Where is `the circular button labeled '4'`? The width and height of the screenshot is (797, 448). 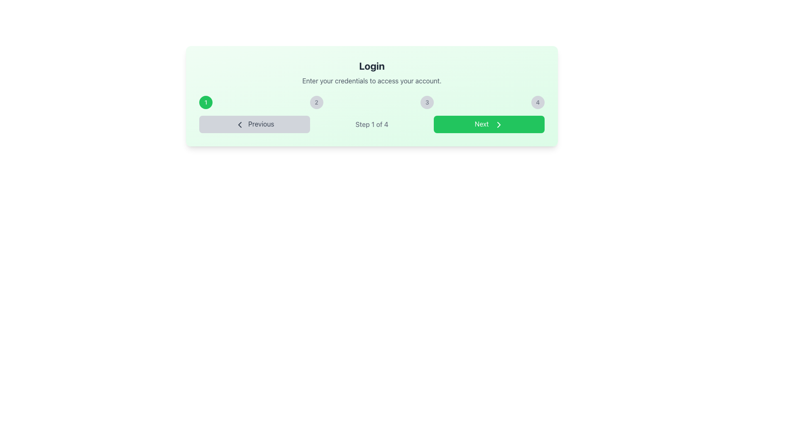 the circular button labeled '4' is located at coordinates (538, 102).